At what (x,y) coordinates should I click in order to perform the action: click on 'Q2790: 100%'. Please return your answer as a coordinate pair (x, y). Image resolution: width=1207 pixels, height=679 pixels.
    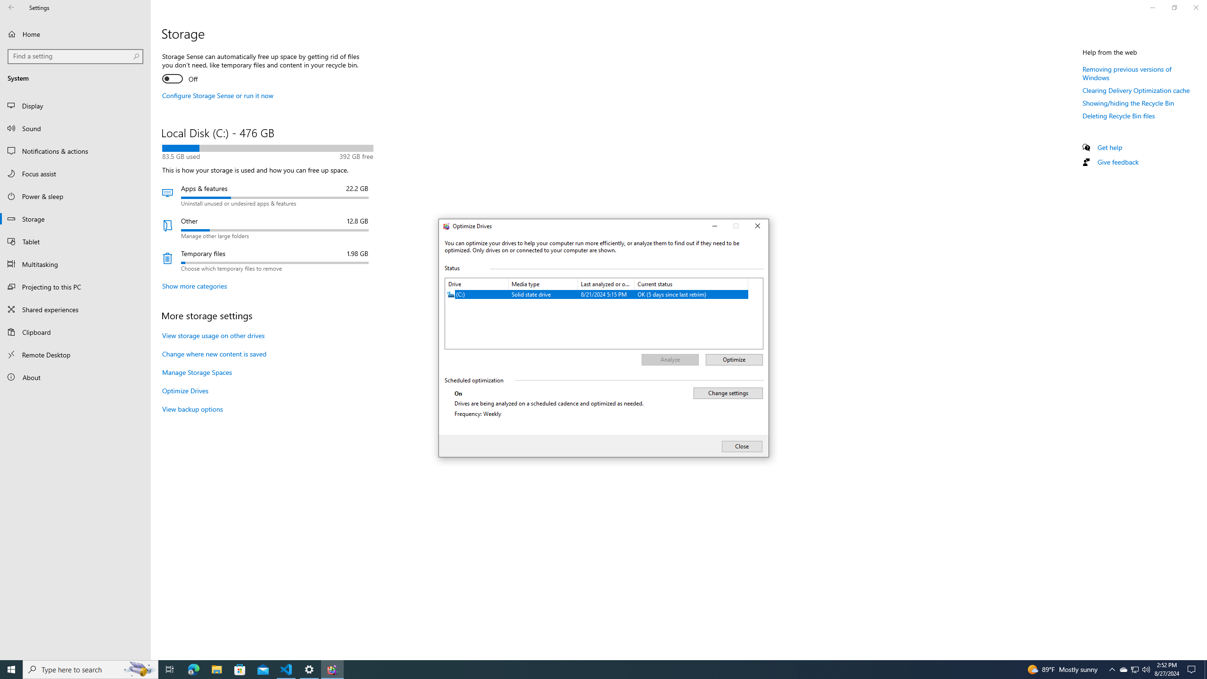
    Looking at the image, I should click on (1145, 669).